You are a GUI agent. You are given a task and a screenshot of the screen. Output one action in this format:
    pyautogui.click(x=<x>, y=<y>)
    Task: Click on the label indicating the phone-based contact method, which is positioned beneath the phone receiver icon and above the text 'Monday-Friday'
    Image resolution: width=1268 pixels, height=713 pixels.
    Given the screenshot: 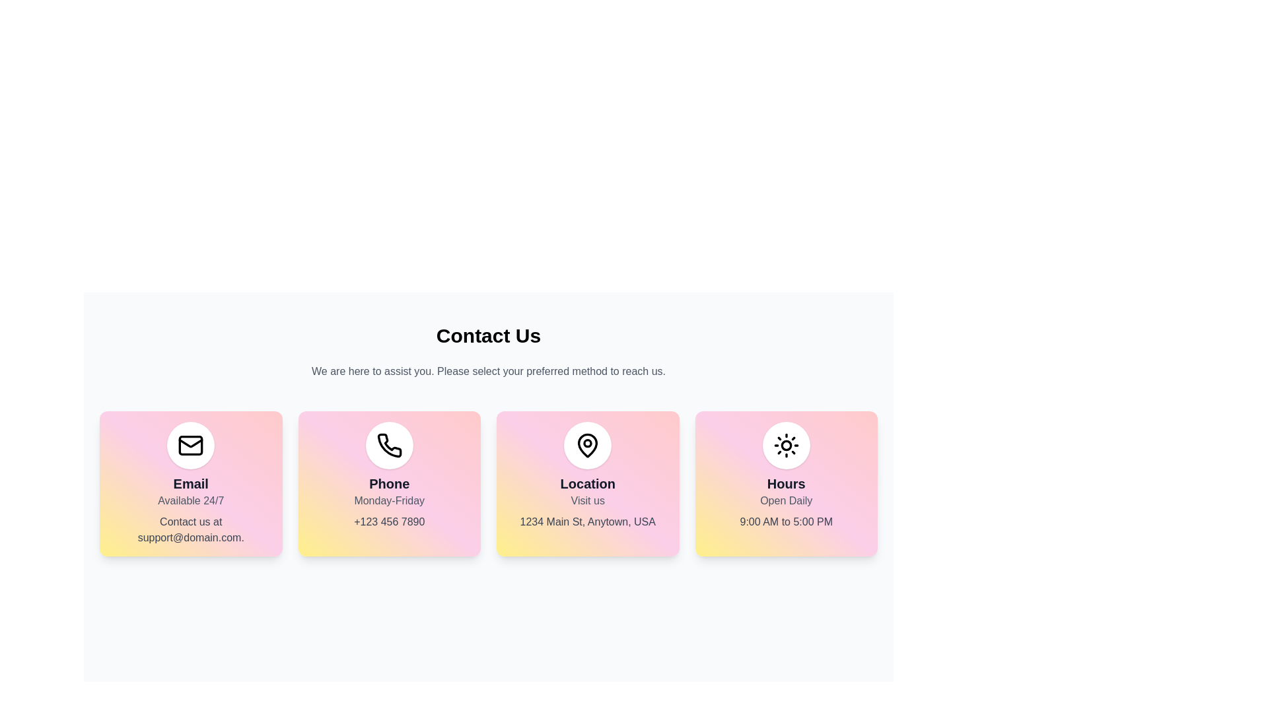 What is the action you would take?
    pyautogui.click(x=388, y=483)
    